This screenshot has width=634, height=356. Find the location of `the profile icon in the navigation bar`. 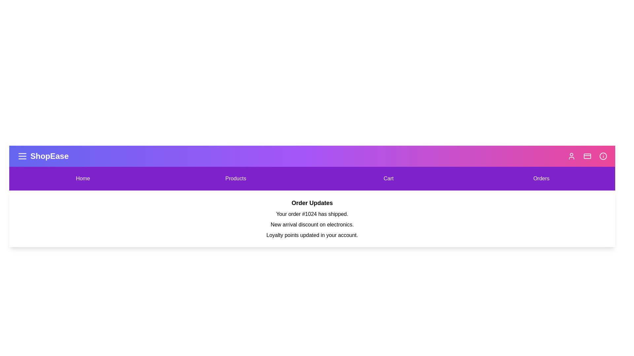

the profile icon in the navigation bar is located at coordinates (571, 156).